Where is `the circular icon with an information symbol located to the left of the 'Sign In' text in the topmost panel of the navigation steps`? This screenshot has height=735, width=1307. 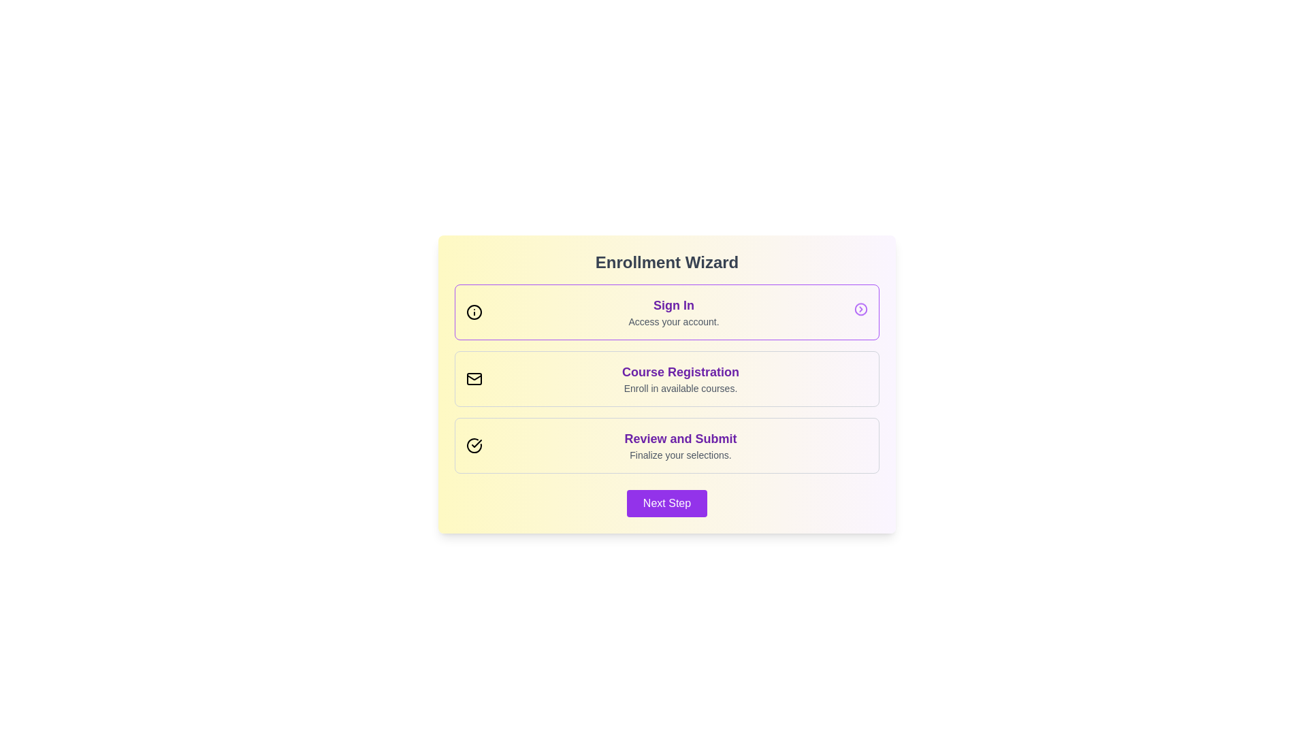
the circular icon with an information symbol located to the left of the 'Sign In' text in the topmost panel of the navigation steps is located at coordinates (474, 312).